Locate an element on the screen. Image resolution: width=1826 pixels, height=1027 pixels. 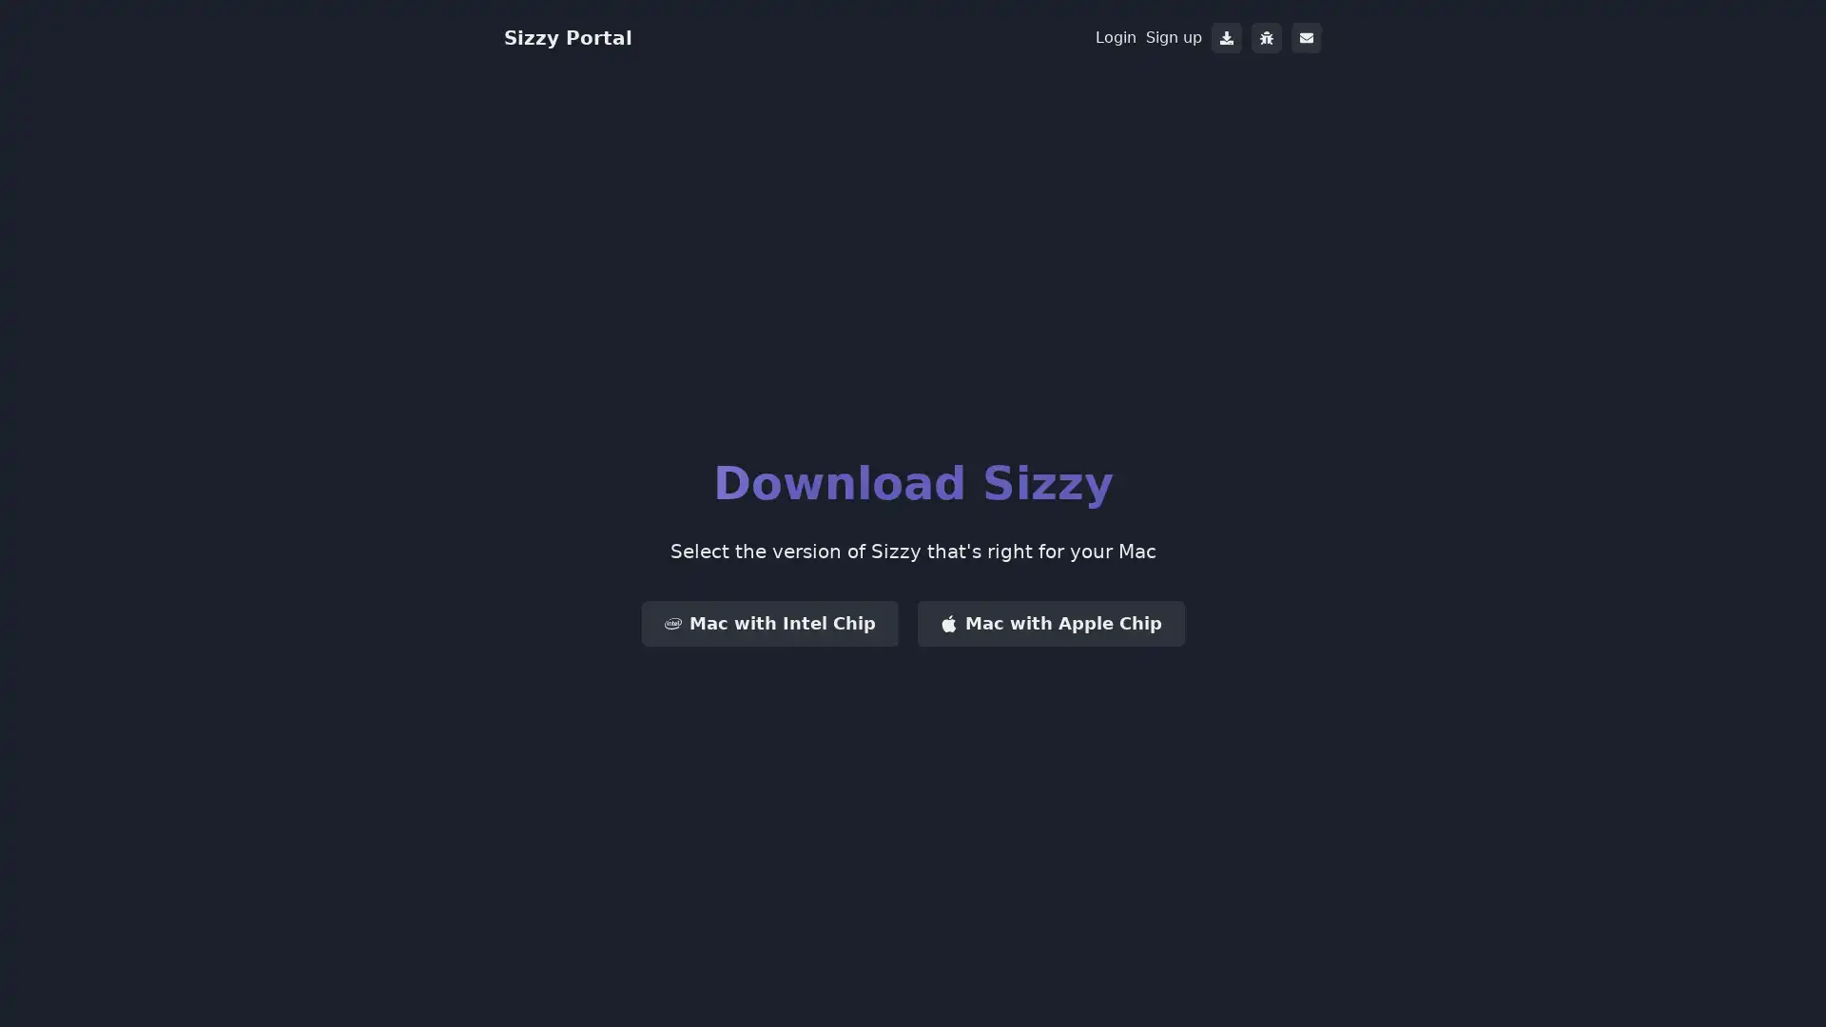
Mac with Apple Chip is located at coordinates (1049, 623).